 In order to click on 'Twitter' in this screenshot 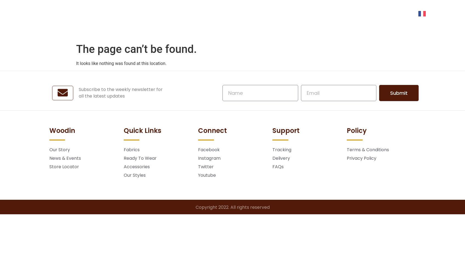, I will do `click(198, 166)`.